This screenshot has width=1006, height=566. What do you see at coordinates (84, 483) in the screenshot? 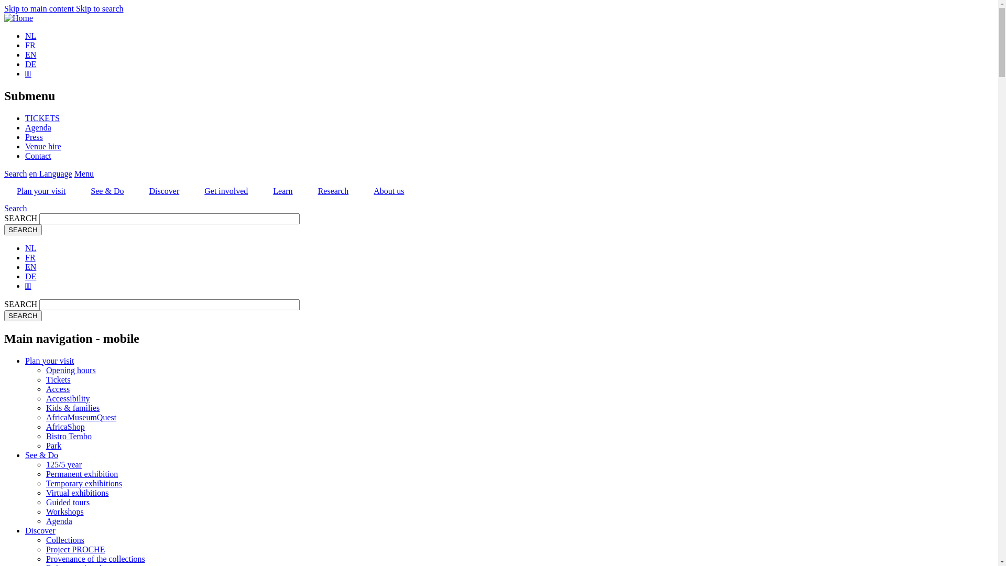
I see `'Temporary exhibitions'` at bounding box center [84, 483].